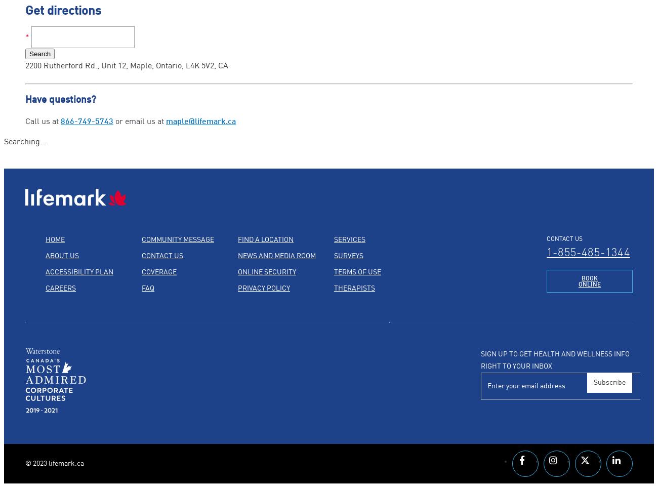 This screenshot has width=658, height=486. Describe the element at coordinates (126, 66) in the screenshot. I see `'2200 Rutherford Rd., Unit 12, Maple, Ontario, L4K 5V2, CA'` at that location.